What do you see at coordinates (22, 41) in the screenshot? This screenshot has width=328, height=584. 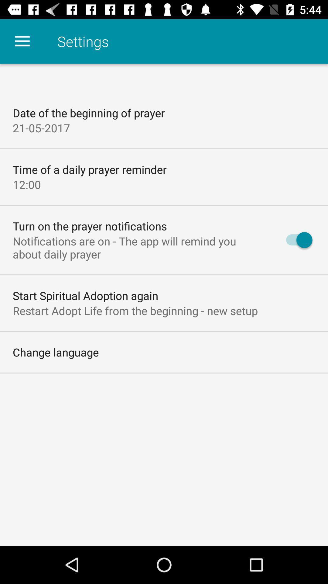 I see `the icon above date of the` at bounding box center [22, 41].